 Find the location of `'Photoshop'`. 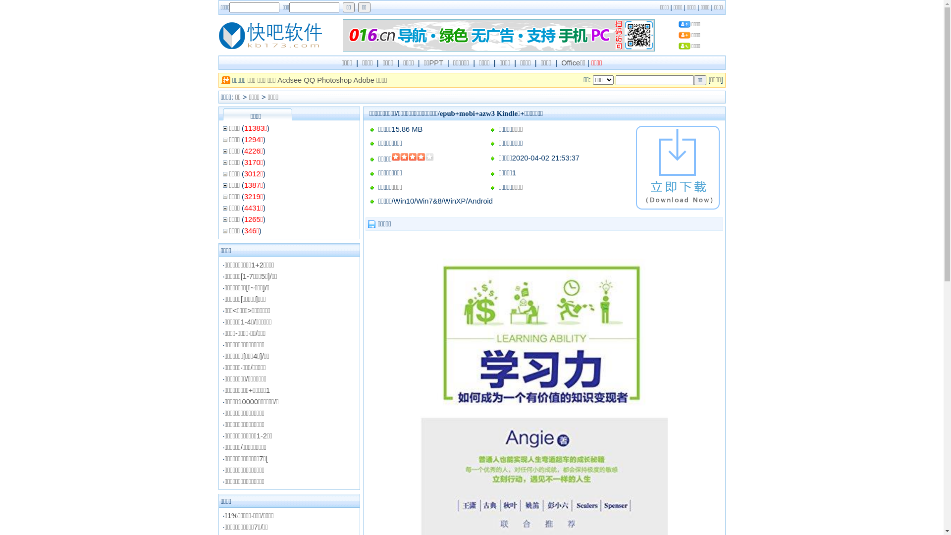

'Photoshop' is located at coordinates (334, 80).